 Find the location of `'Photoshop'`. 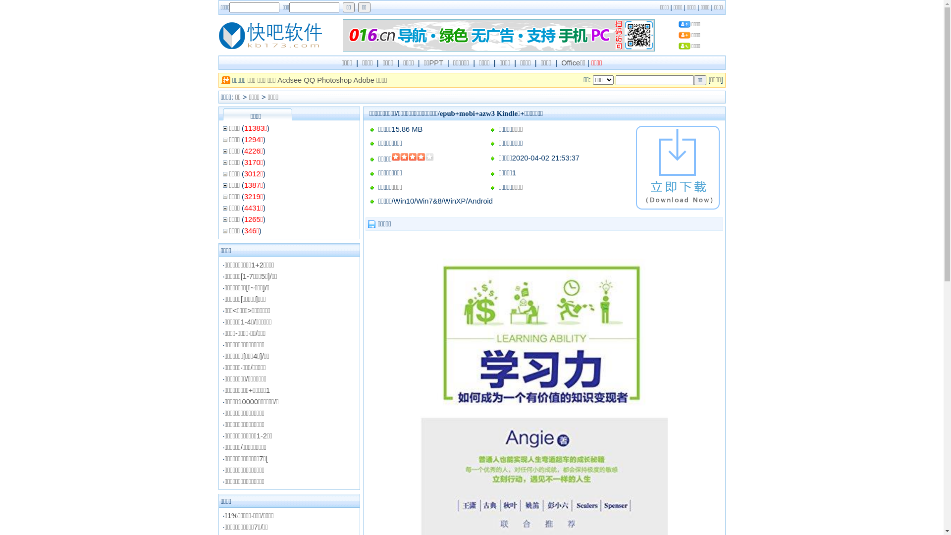

'Photoshop' is located at coordinates (334, 80).